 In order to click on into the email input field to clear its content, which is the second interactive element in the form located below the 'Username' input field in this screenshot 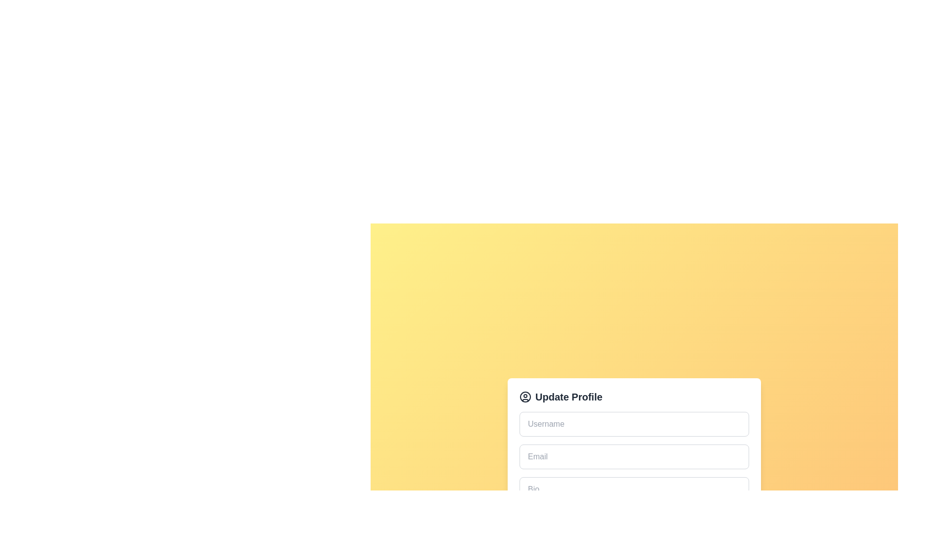, I will do `click(634, 456)`.